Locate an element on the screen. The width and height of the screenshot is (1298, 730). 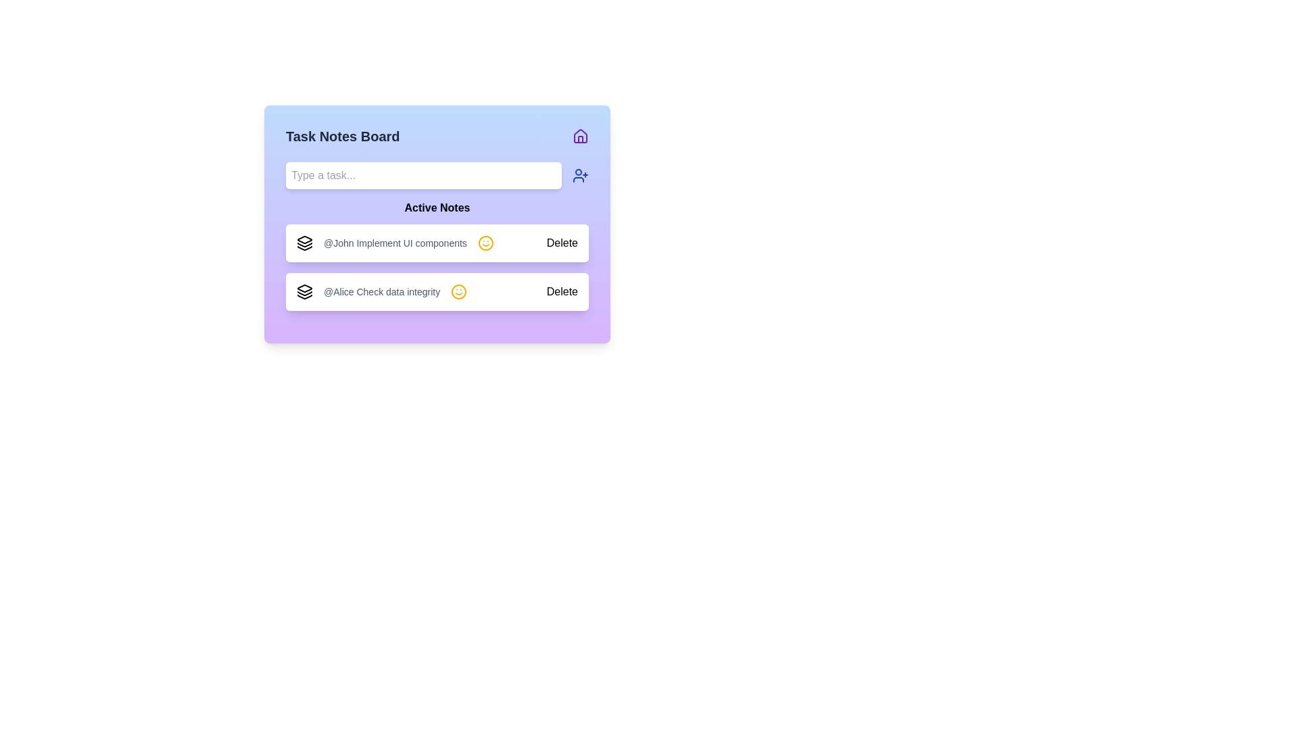
the second task note entry in the 'Task Notes Board' is located at coordinates (437, 291).